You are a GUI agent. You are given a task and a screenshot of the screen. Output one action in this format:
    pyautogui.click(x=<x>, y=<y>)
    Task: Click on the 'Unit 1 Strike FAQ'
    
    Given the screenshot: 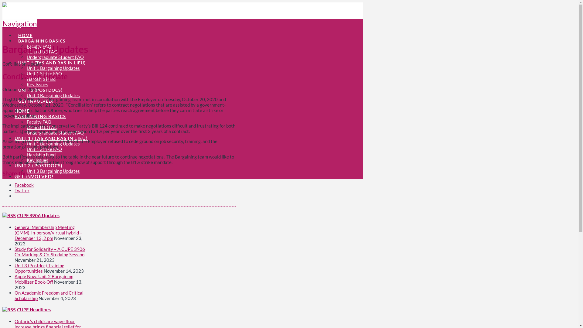 What is the action you would take?
    pyautogui.click(x=44, y=149)
    